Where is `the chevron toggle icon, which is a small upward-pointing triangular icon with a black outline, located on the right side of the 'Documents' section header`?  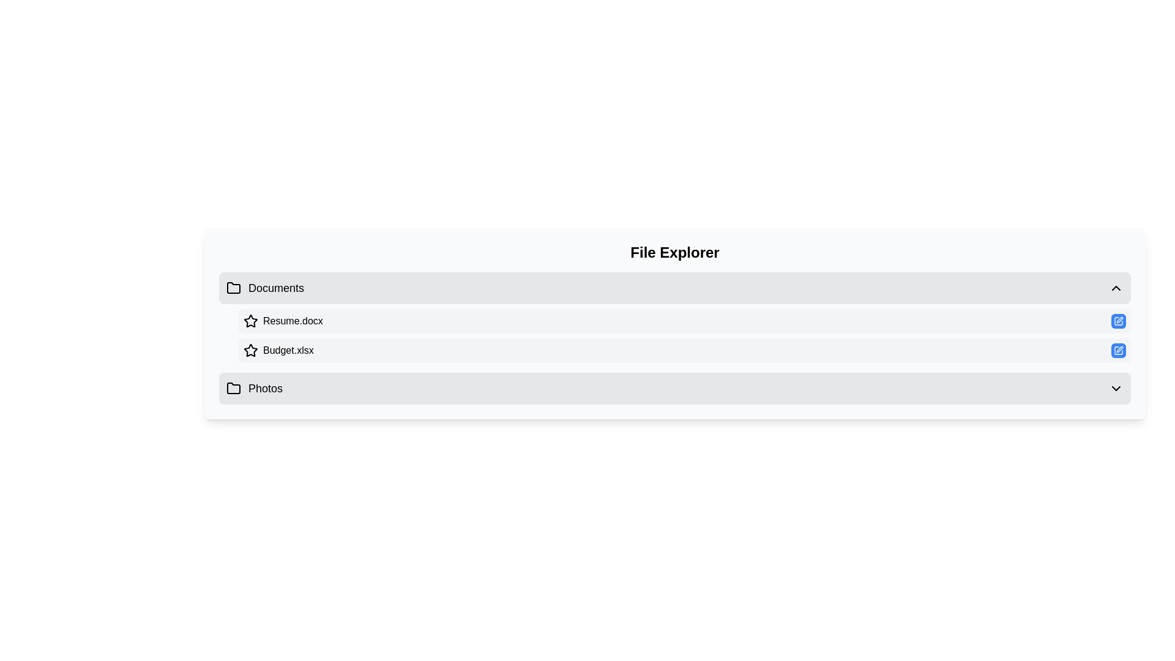 the chevron toggle icon, which is a small upward-pointing triangular icon with a black outline, located on the right side of the 'Documents' section header is located at coordinates (1116, 288).